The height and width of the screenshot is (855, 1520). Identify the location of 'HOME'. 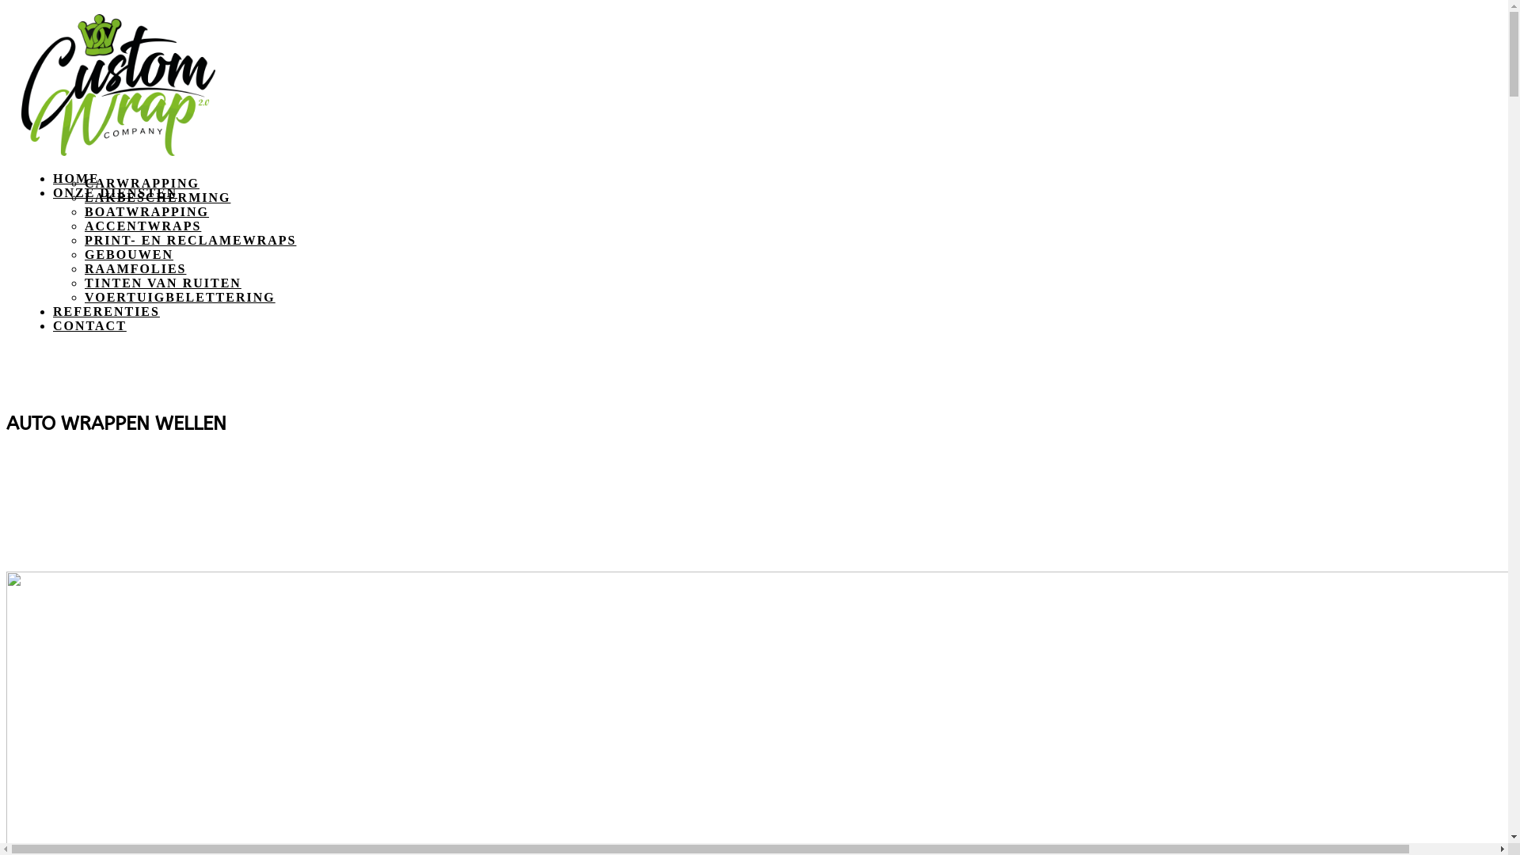
(75, 178).